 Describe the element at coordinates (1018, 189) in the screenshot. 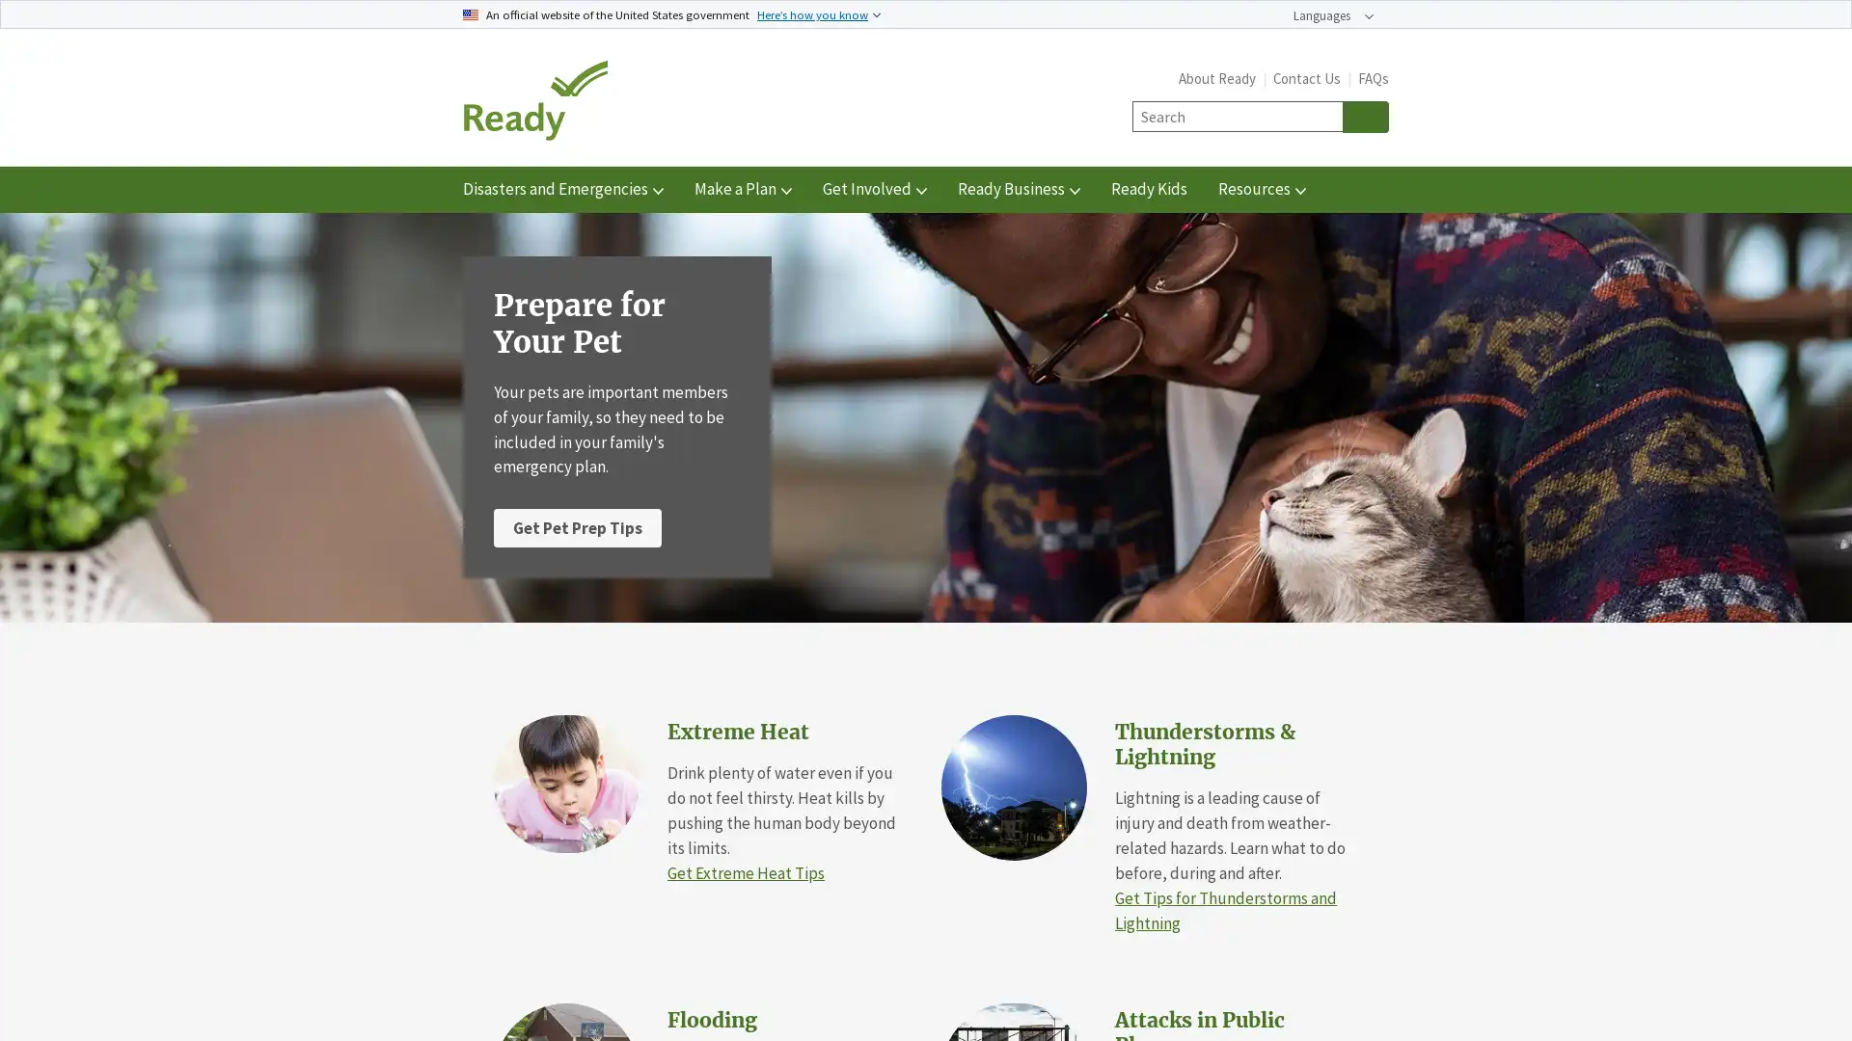

I see `Ready Business` at that location.